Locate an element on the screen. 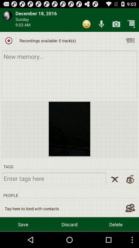 The width and height of the screenshot is (139, 248). app below 9:03 am app is located at coordinates (8, 40).